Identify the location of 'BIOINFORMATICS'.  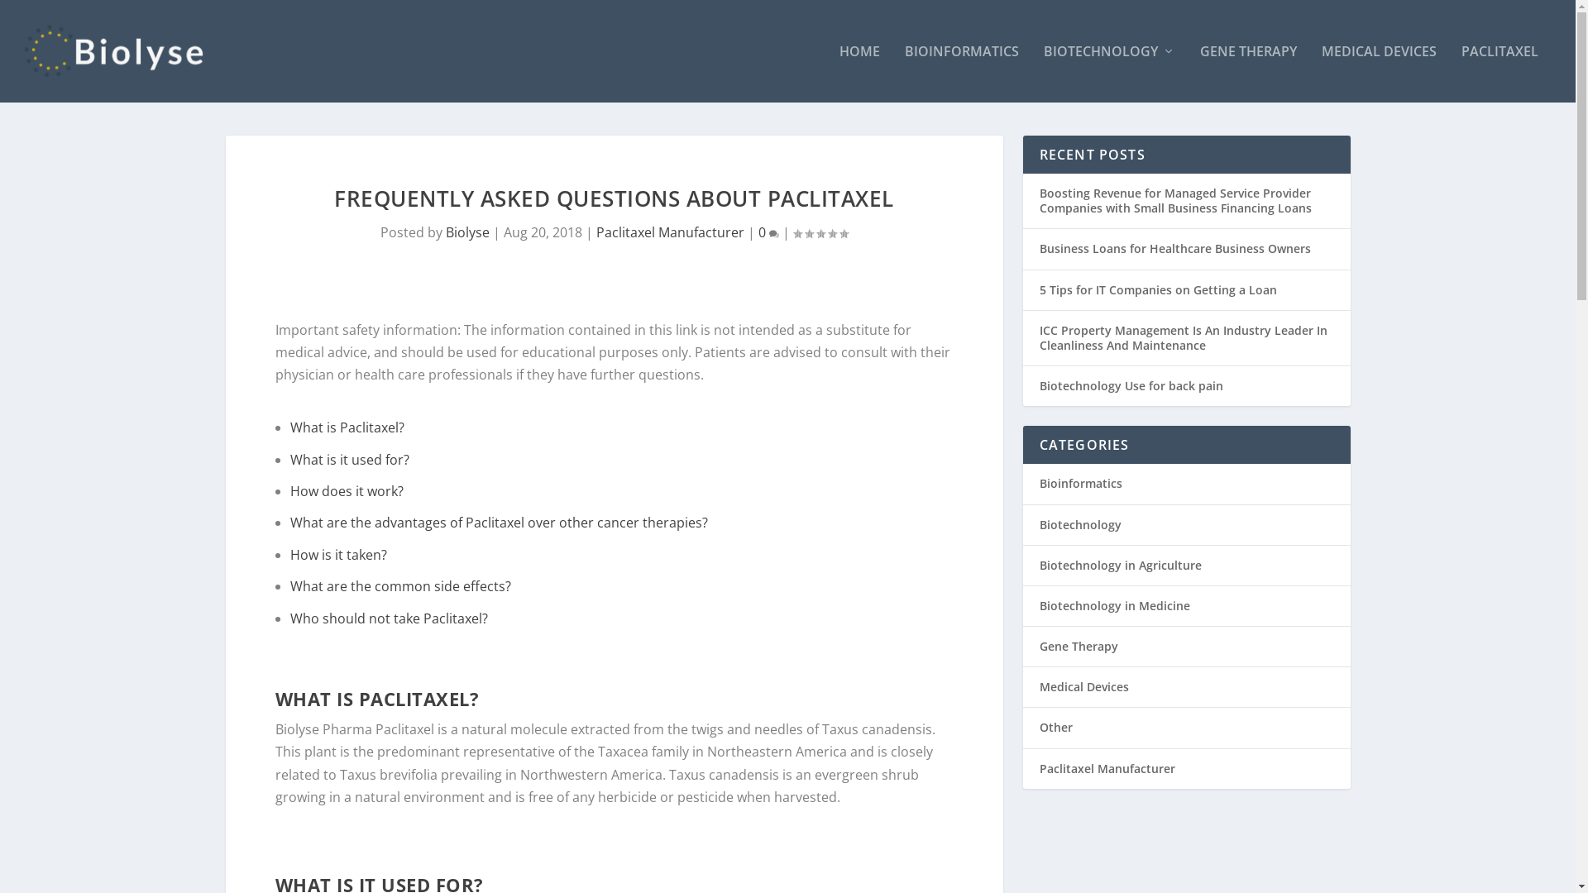
(961, 72).